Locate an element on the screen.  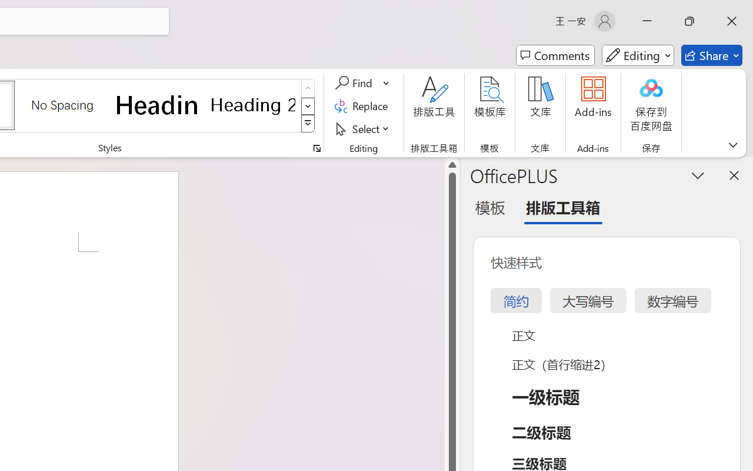
'Line up' is located at coordinates (452, 165).